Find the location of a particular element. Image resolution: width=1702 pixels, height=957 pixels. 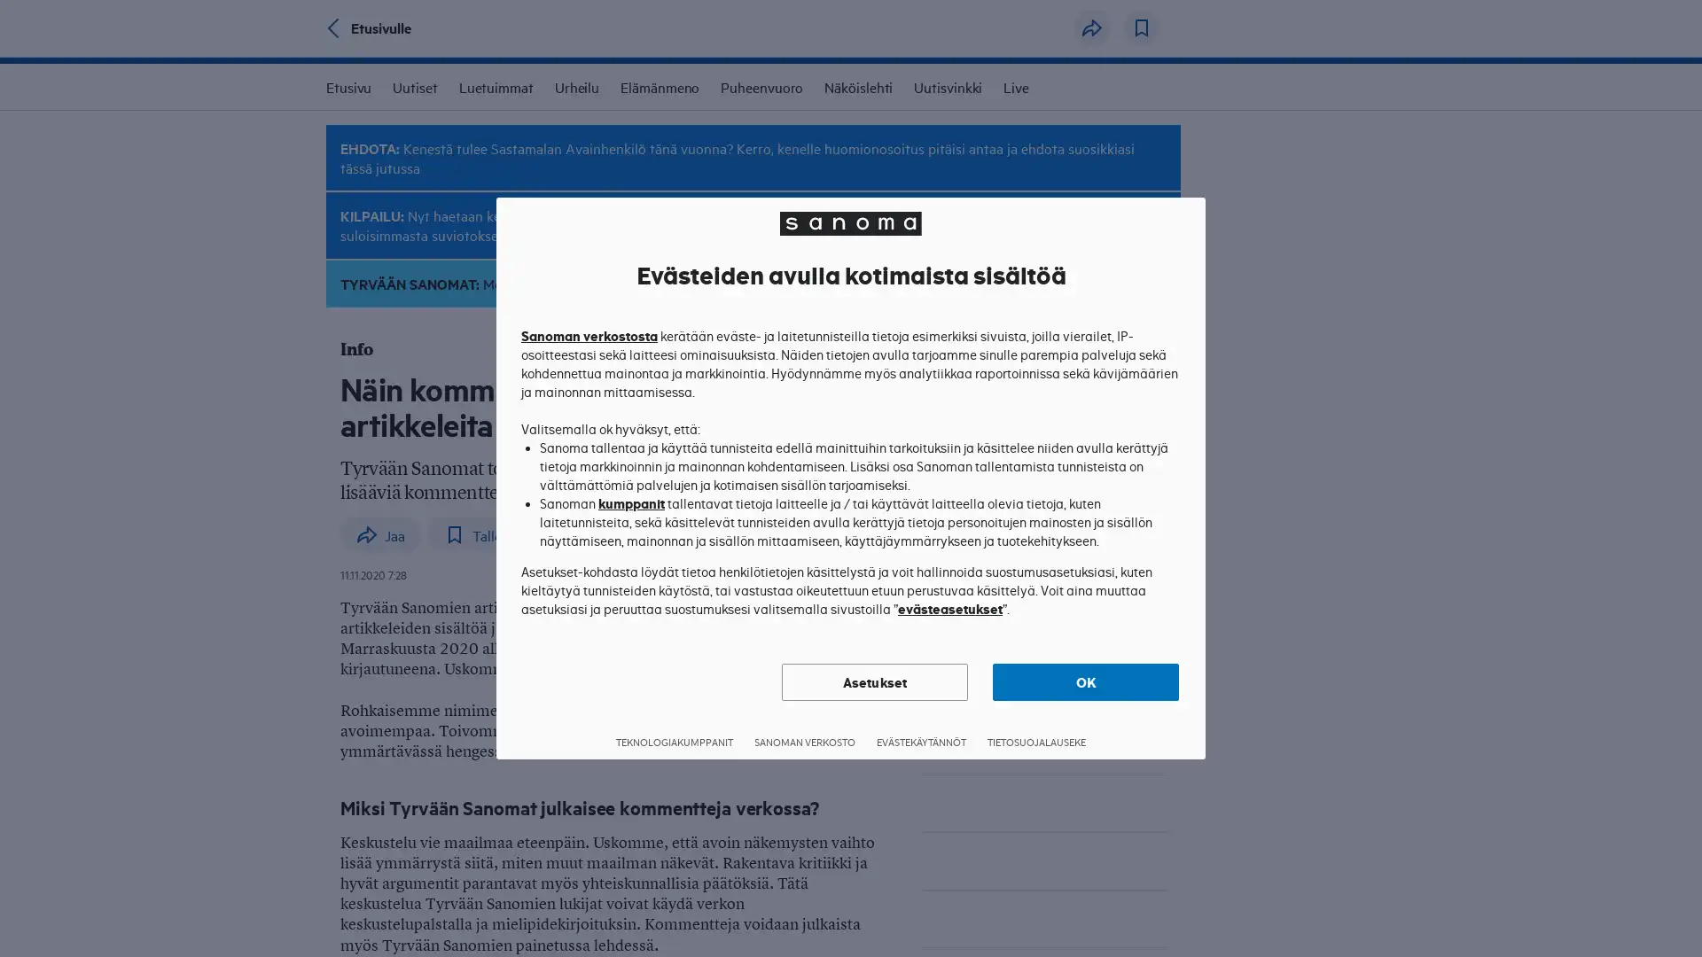

Jaa is located at coordinates (1091, 27).